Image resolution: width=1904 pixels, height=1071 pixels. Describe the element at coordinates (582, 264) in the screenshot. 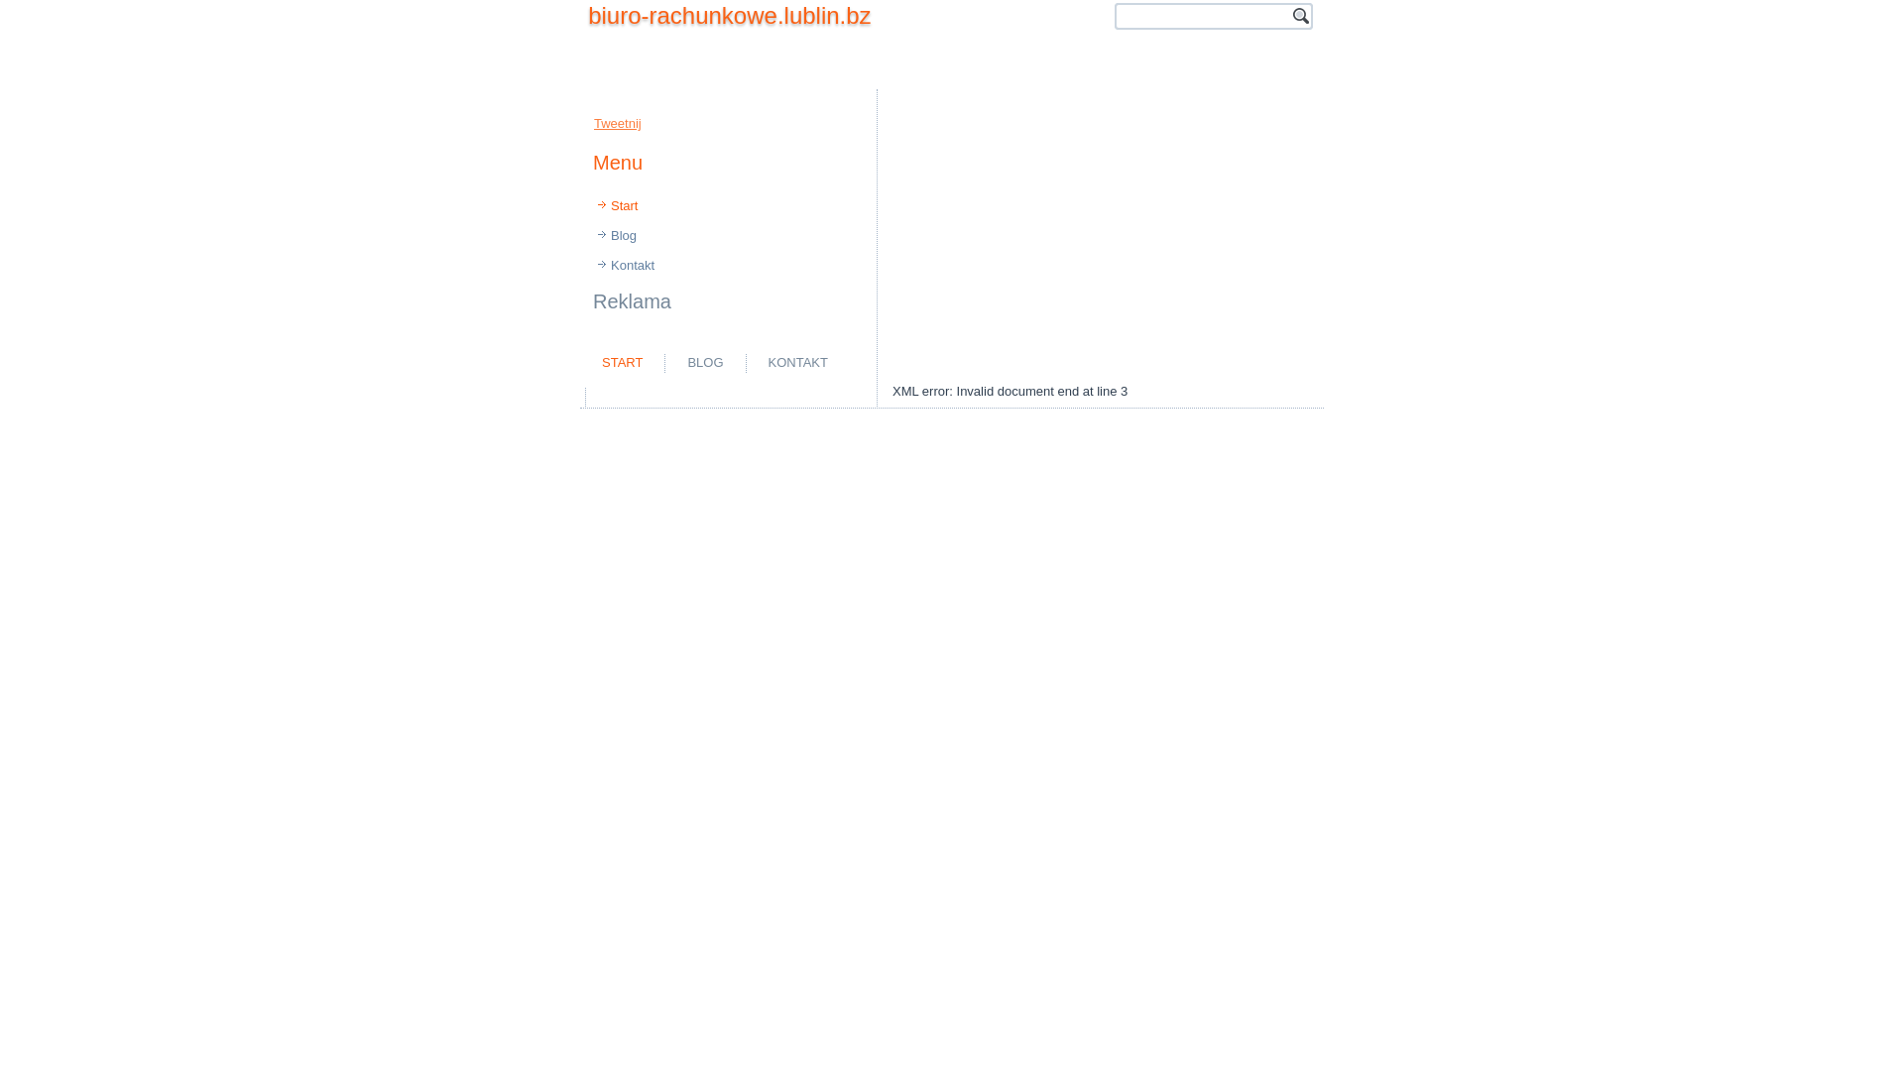

I see `'Kontakt'` at that location.